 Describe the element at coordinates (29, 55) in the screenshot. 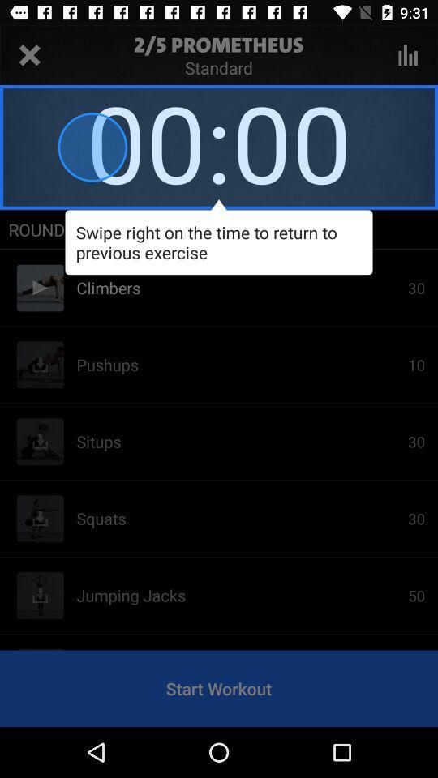

I see `the close icon` at that location.